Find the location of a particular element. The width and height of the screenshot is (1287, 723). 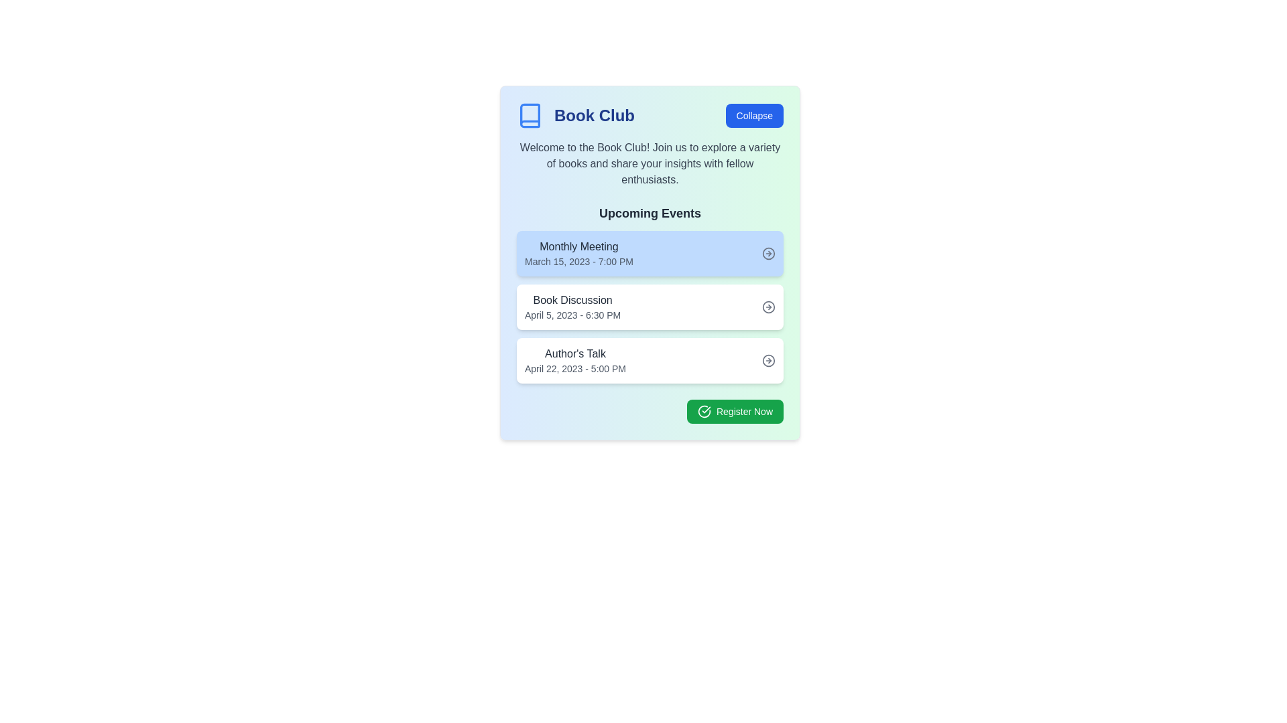

the welcoming message text for the Book Club, which is located below the 'Book Club' title and above the 'Upcoming Events' section is located at coordinates (650, 163).